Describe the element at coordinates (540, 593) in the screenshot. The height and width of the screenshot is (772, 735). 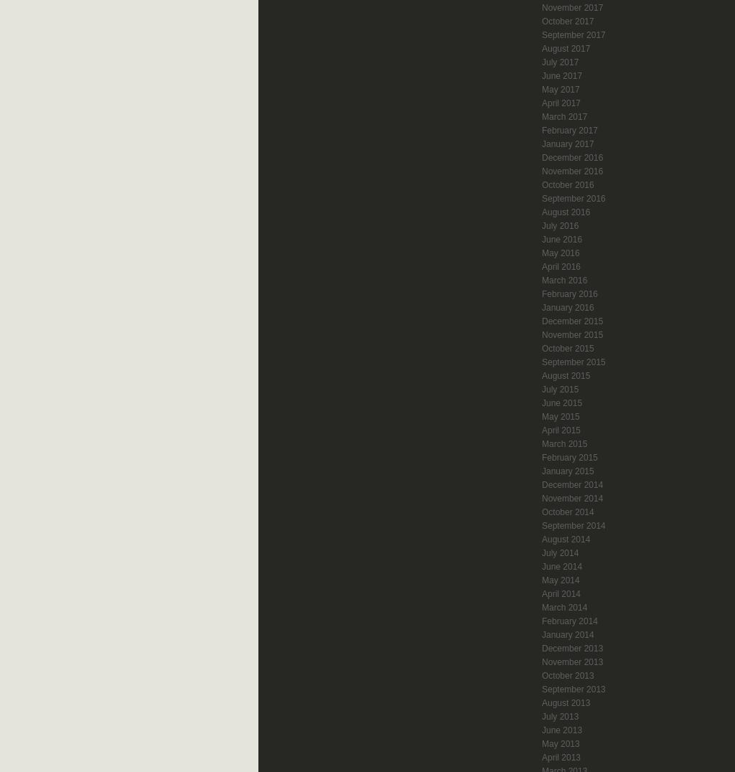
I see `'April 2014'` at that location.